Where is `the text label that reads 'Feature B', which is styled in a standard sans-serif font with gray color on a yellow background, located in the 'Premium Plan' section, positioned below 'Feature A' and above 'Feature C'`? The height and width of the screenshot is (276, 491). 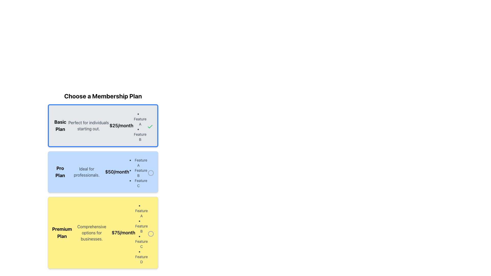
the text label that reads 'Feature B', which is styled in a standard sans-serif font with gray color on a yellow background, located in the 'Premium Plan' section, positioned below 'Feature A' and above 'Feature C' is located at coordinates (141, 226).